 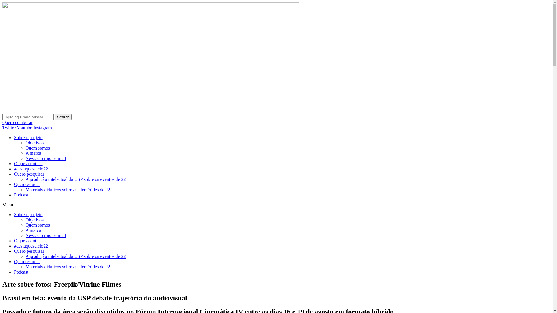 What do you see at coordinates (29, 174) in the screenshot?
I see `'Quero pesquisar'` at bounding box center [29, 174].